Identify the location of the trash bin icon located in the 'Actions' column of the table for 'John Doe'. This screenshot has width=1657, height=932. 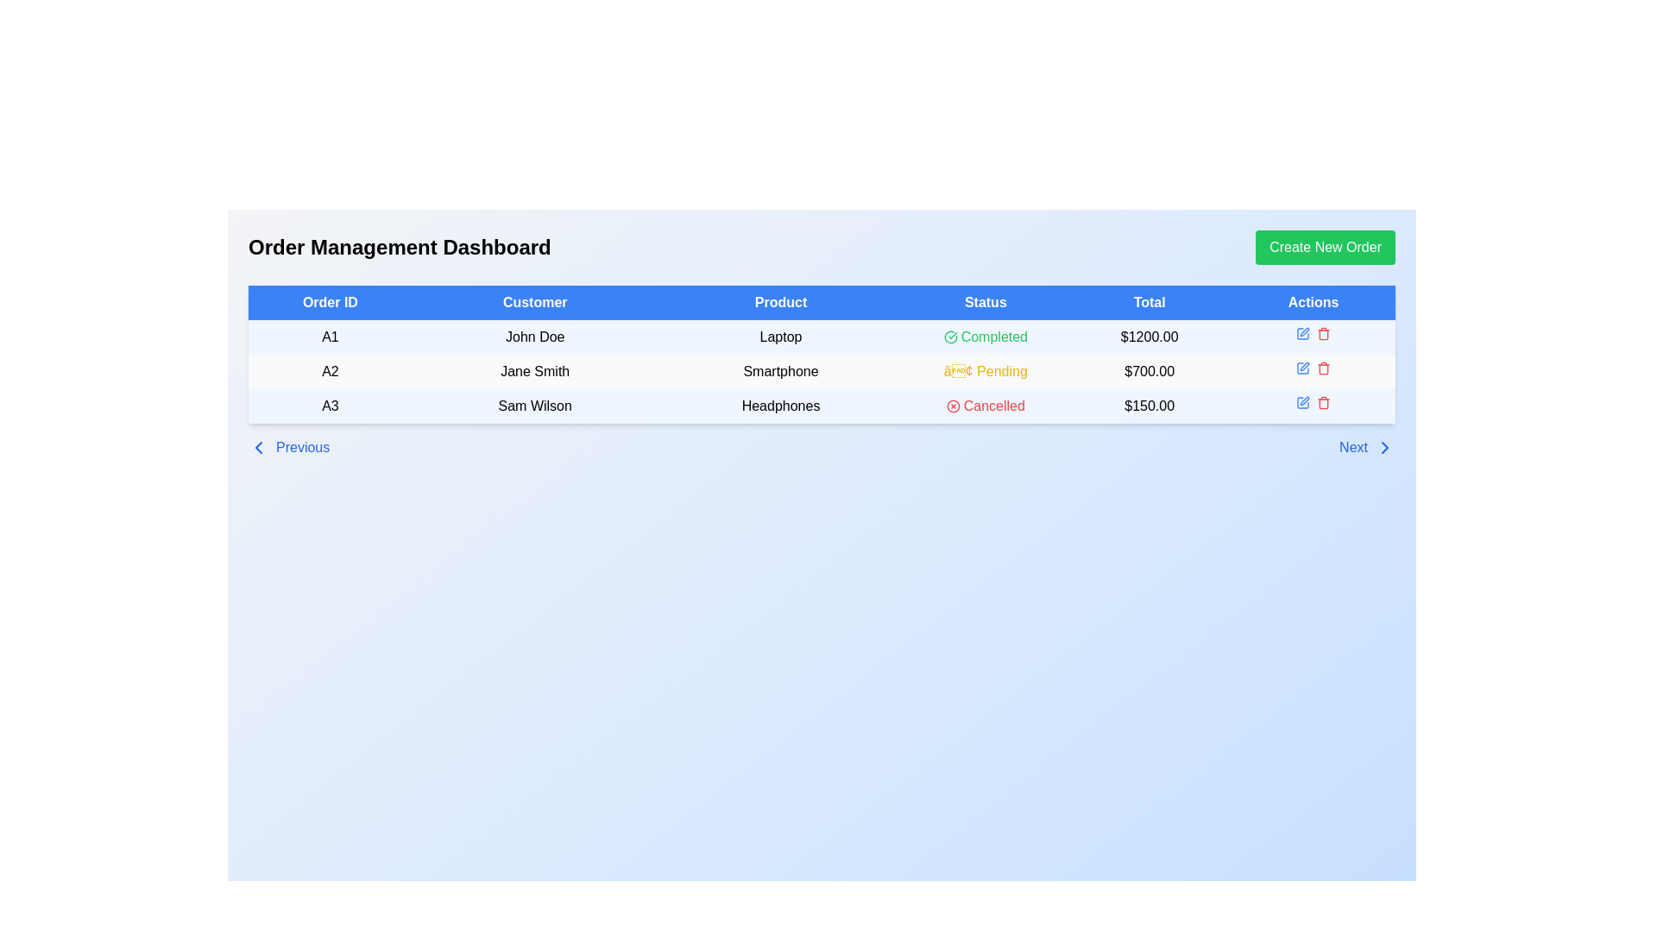
(1323, 335).